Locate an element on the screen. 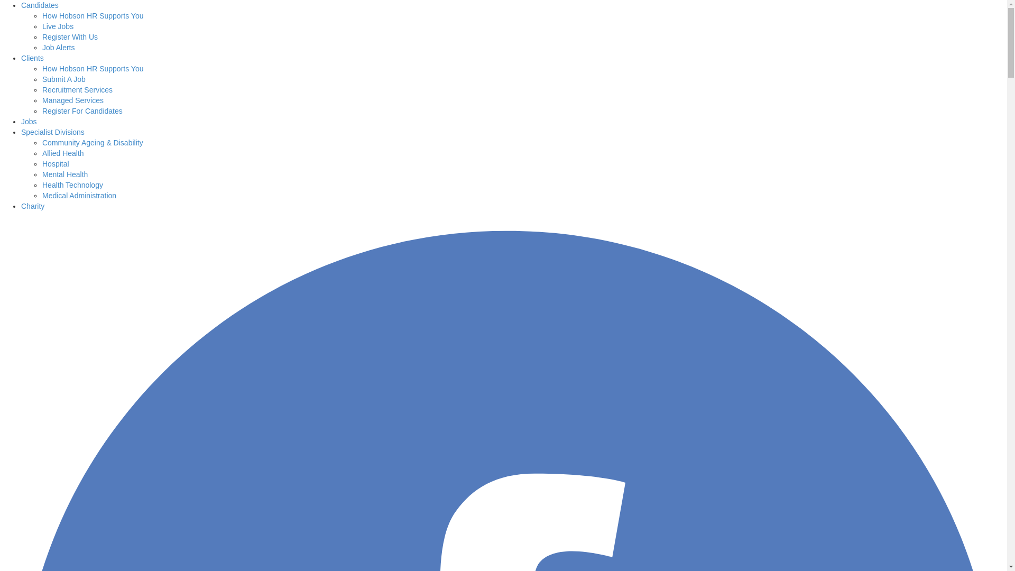  'Charity' is located at coordinates (33, 206).